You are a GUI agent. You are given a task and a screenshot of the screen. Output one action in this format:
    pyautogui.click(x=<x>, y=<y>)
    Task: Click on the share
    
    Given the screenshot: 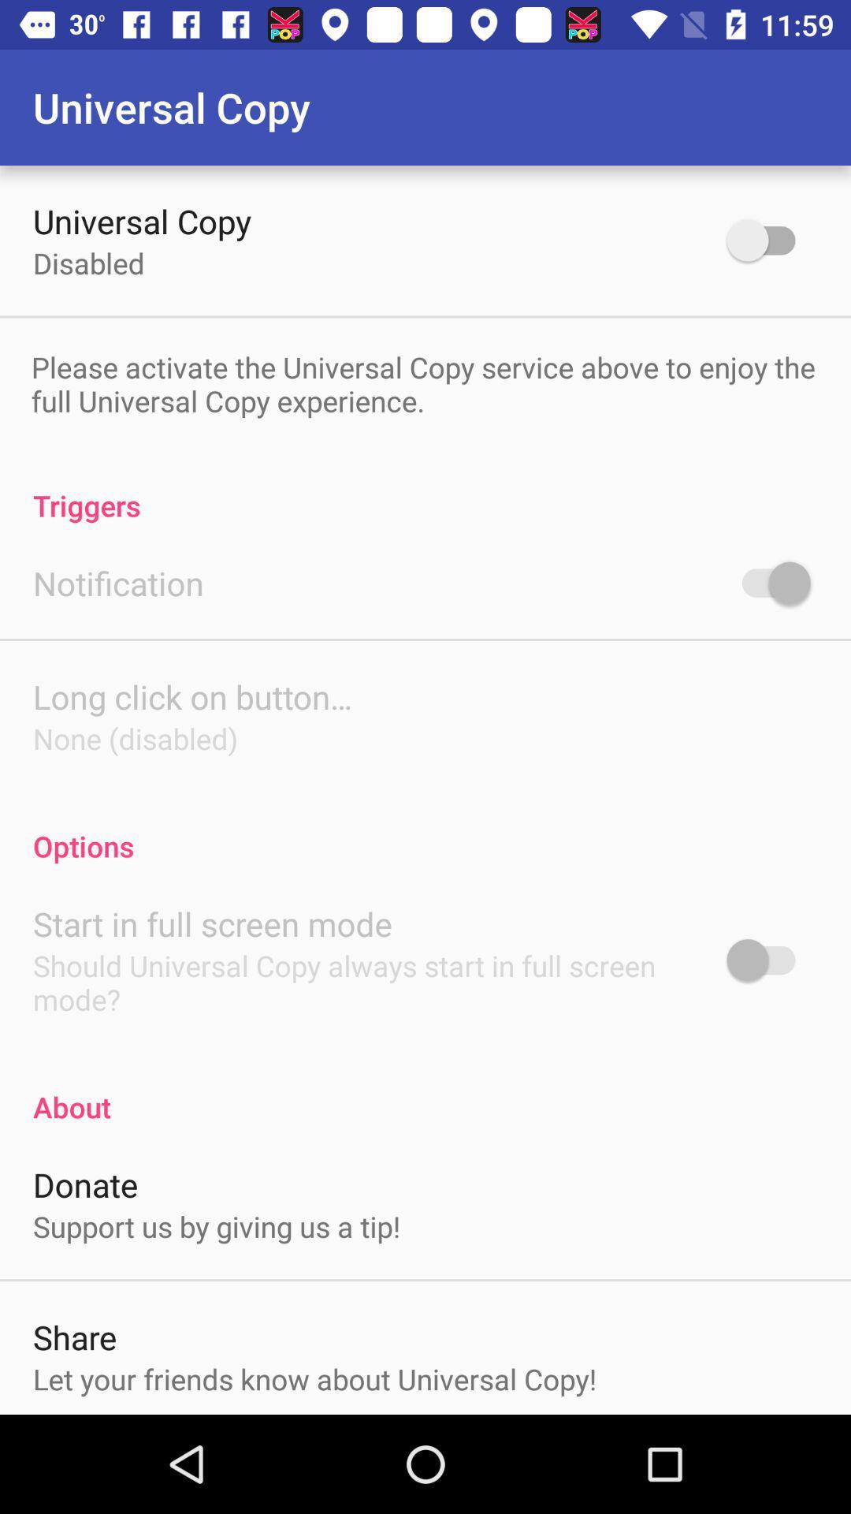 What is the action you would take?
    pyautogui.click(x=75, y=1336)
    